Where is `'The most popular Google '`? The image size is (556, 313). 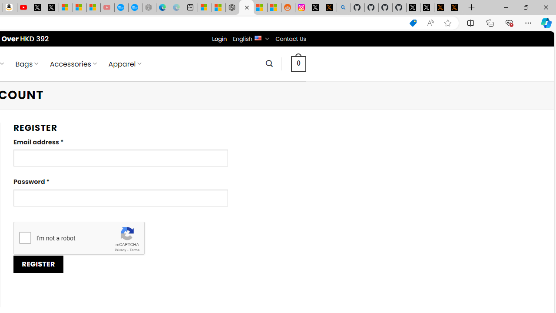 'The most popular Google ' is located at coordinates (135, 7).